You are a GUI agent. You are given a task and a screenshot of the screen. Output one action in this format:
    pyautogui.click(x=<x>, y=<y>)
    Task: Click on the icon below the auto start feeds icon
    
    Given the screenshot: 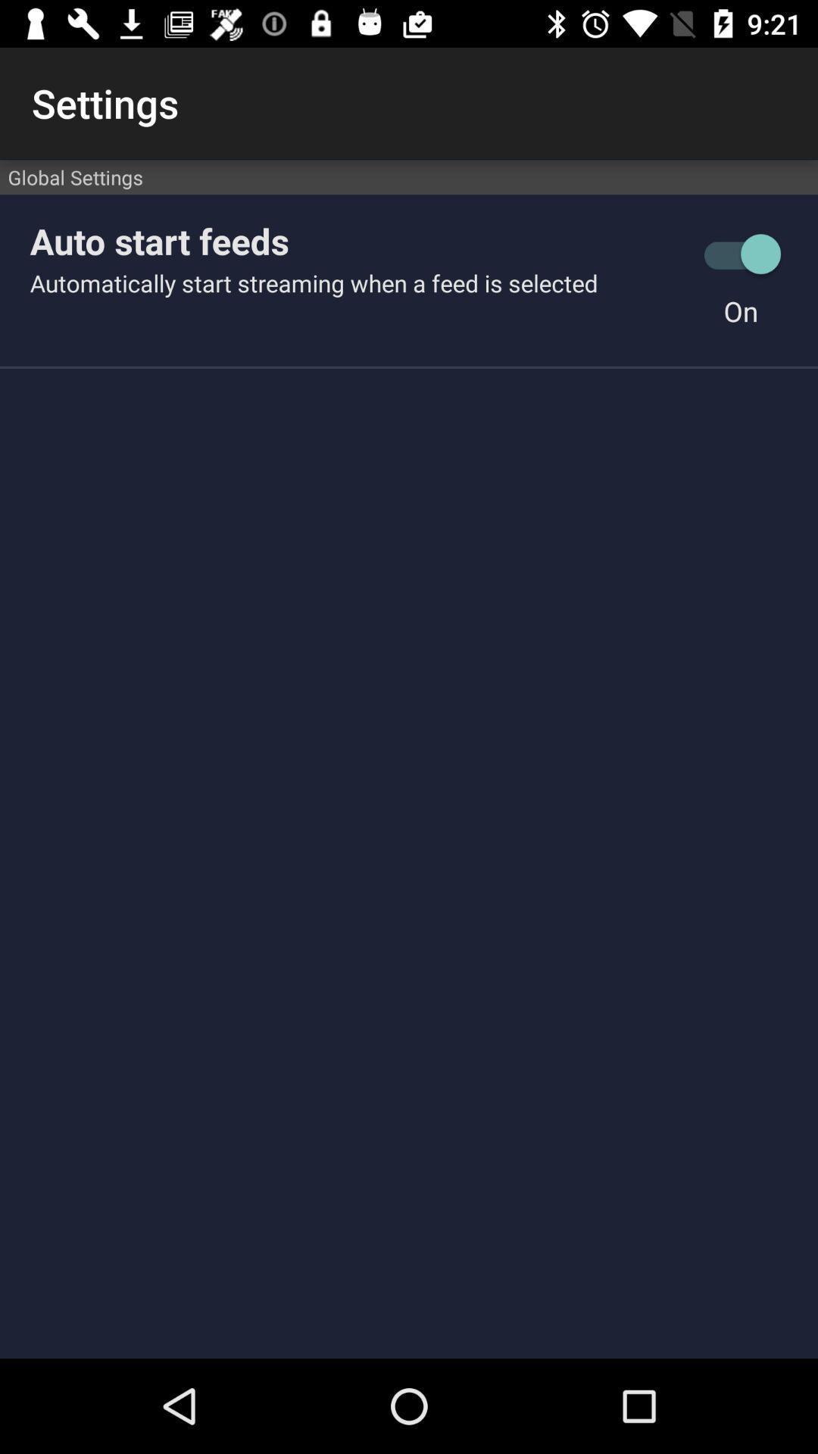 What is the action you would take?
    pyautogui.click(x=357, y=282)
    